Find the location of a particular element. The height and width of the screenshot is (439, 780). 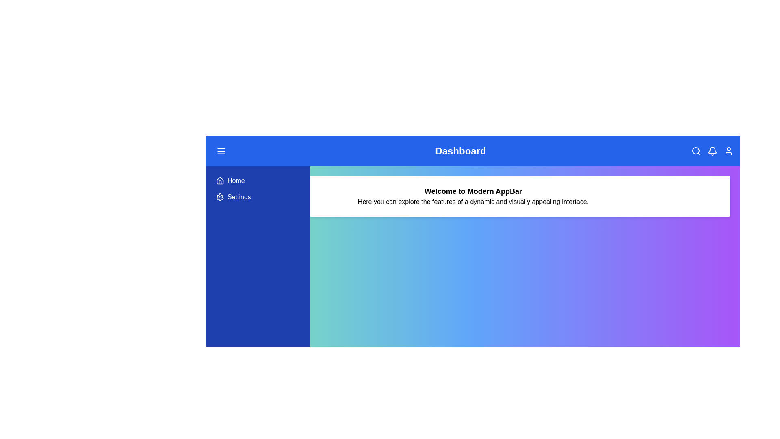

the user icon to access the user account options is located at coordinates (729, 151).